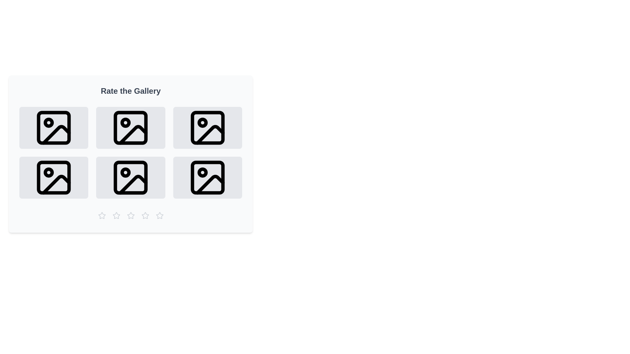 Image resolution: width=630 pixels, height=354 pixels. I want to click on the gallery rating to 2 stars by clicking the corresponding star, so click(116, 216).